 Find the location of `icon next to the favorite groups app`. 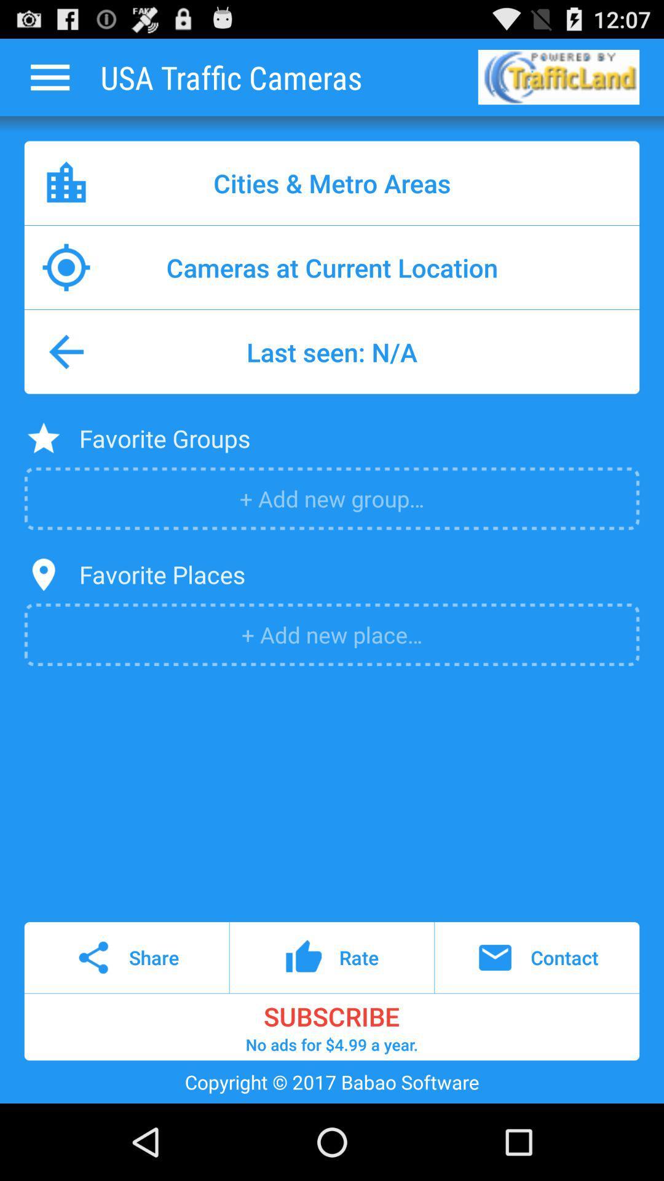

icon next to the favorite groups app is located at coordinates (43, 439).